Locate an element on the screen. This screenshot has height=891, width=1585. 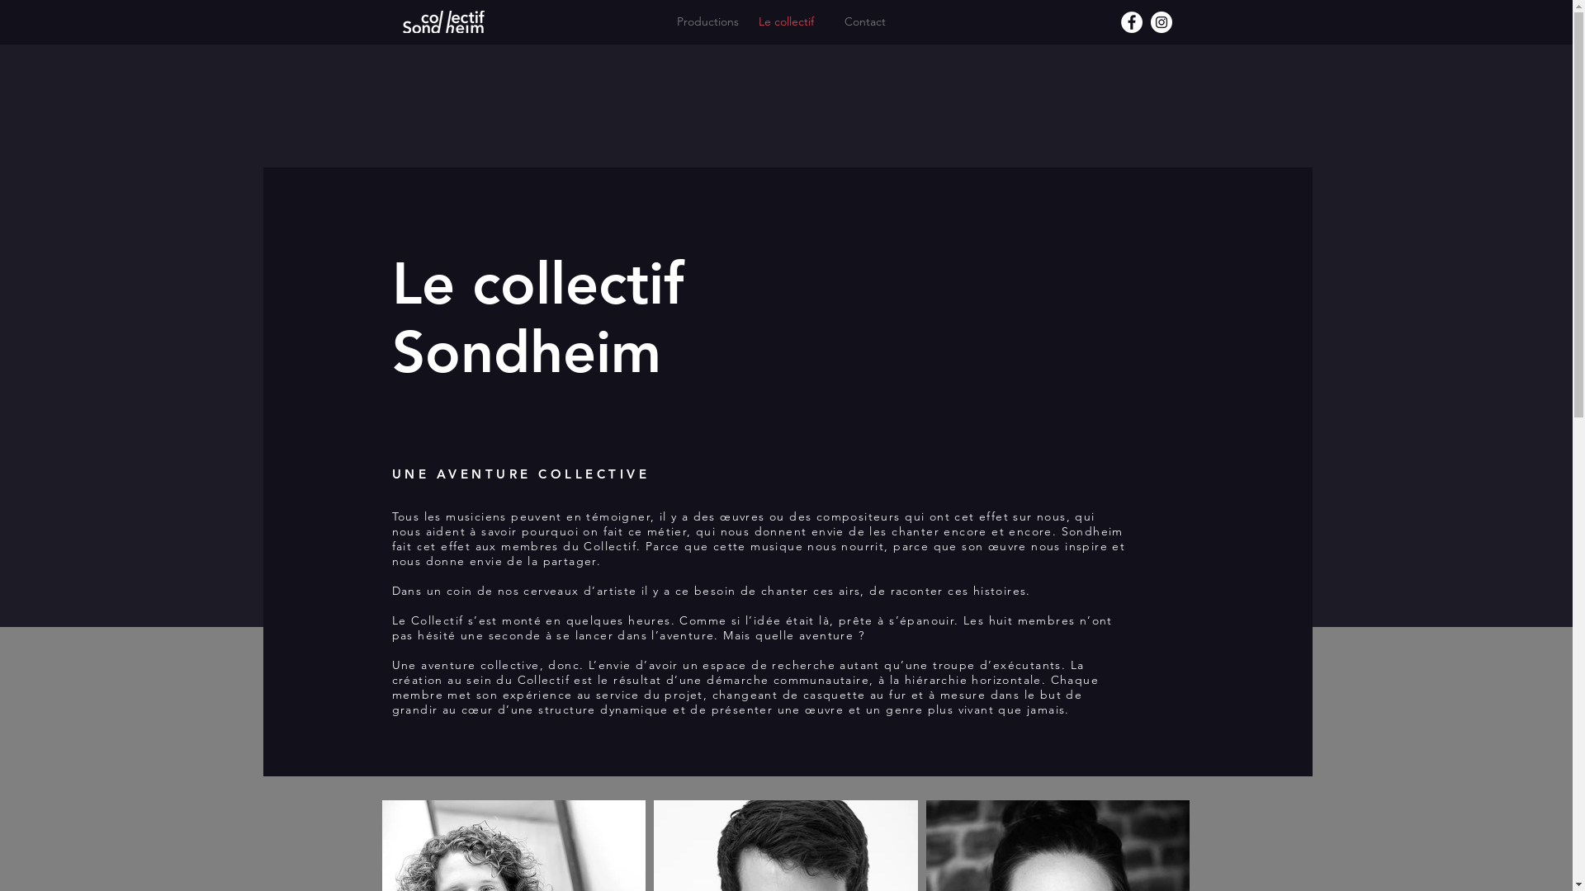
'Contact' is located at coordinates (863, 21).